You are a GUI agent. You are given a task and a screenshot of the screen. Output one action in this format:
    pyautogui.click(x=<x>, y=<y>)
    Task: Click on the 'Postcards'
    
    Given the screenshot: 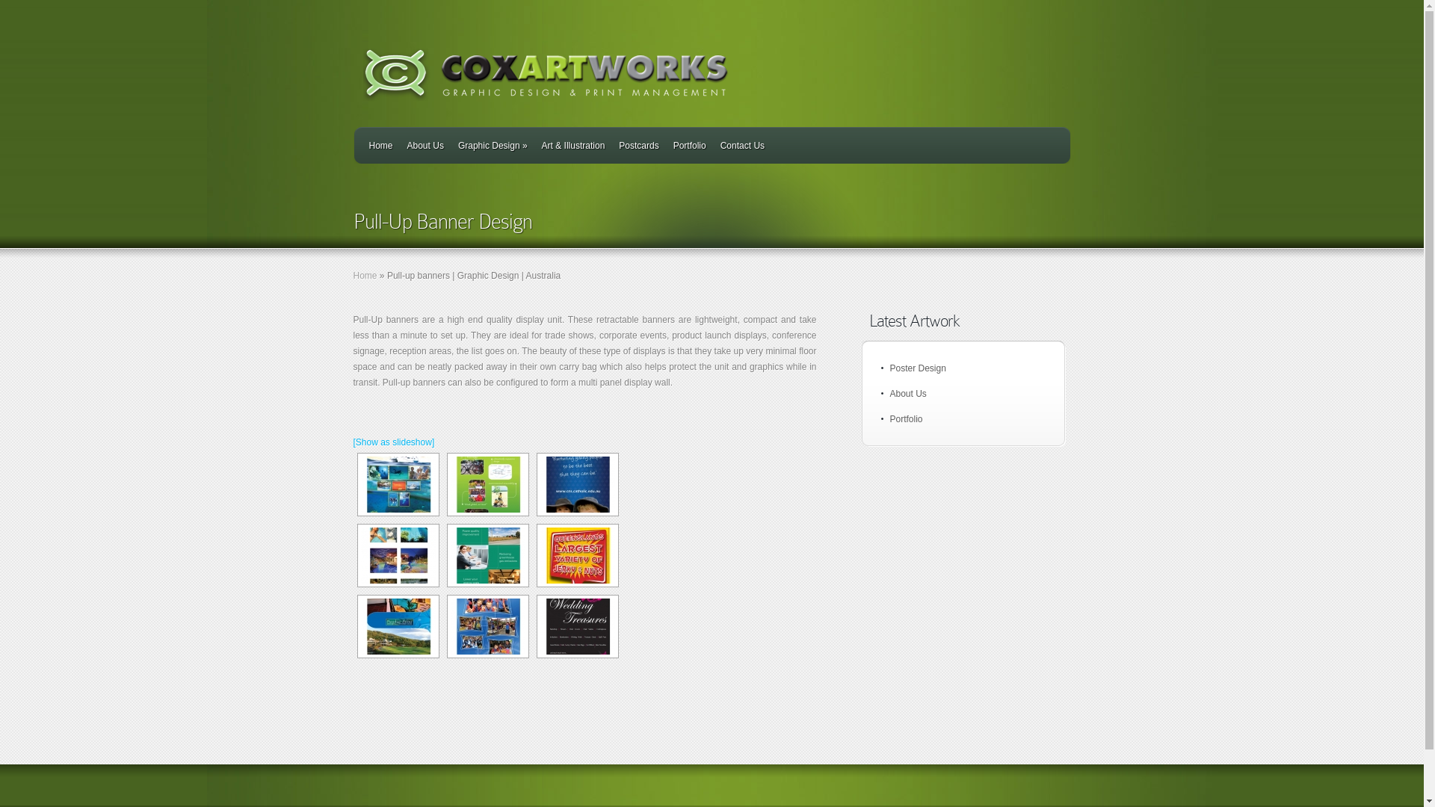 What is the action you would take?
    pyautogui.click(x=638, y=146)
    